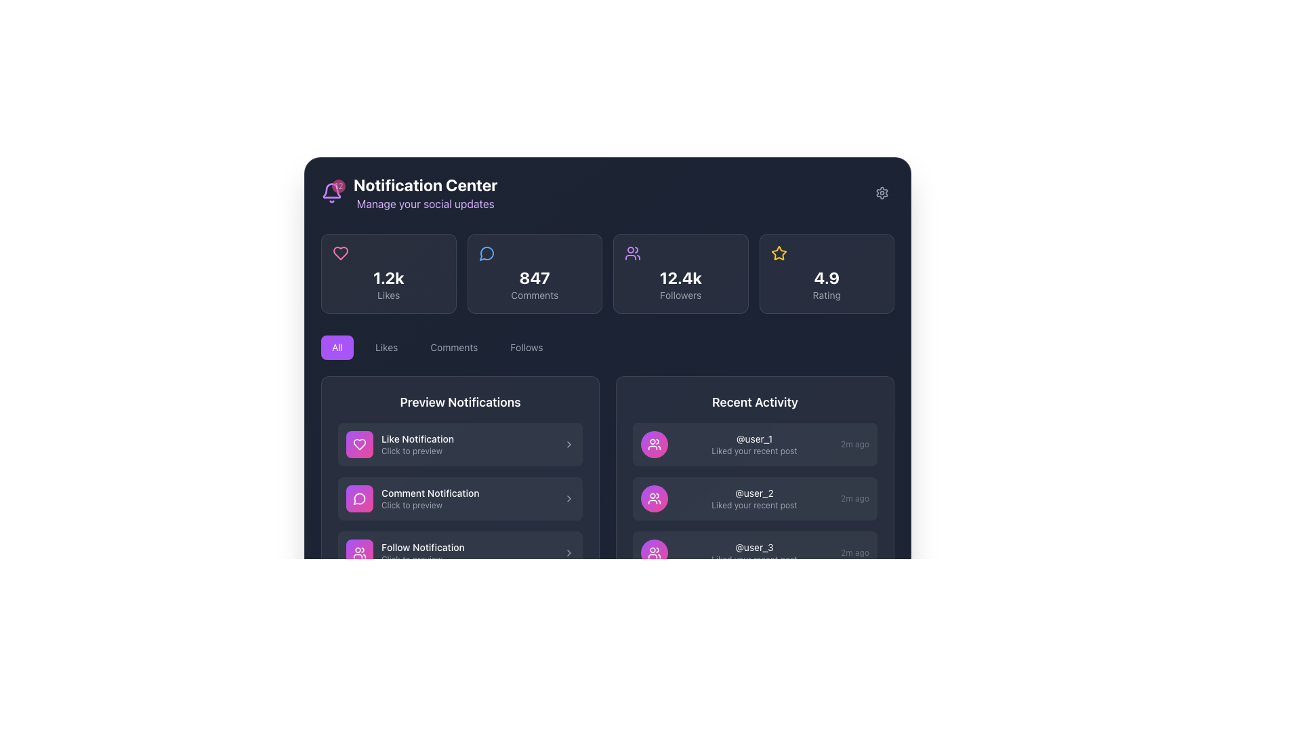 The image size is (1301, 732). Describe the element at coordinates (360, 499) in the screenshot. I see `the comment-related notification icon button located on the left side of the second item in the 'Preview Notifications' list` at that location.